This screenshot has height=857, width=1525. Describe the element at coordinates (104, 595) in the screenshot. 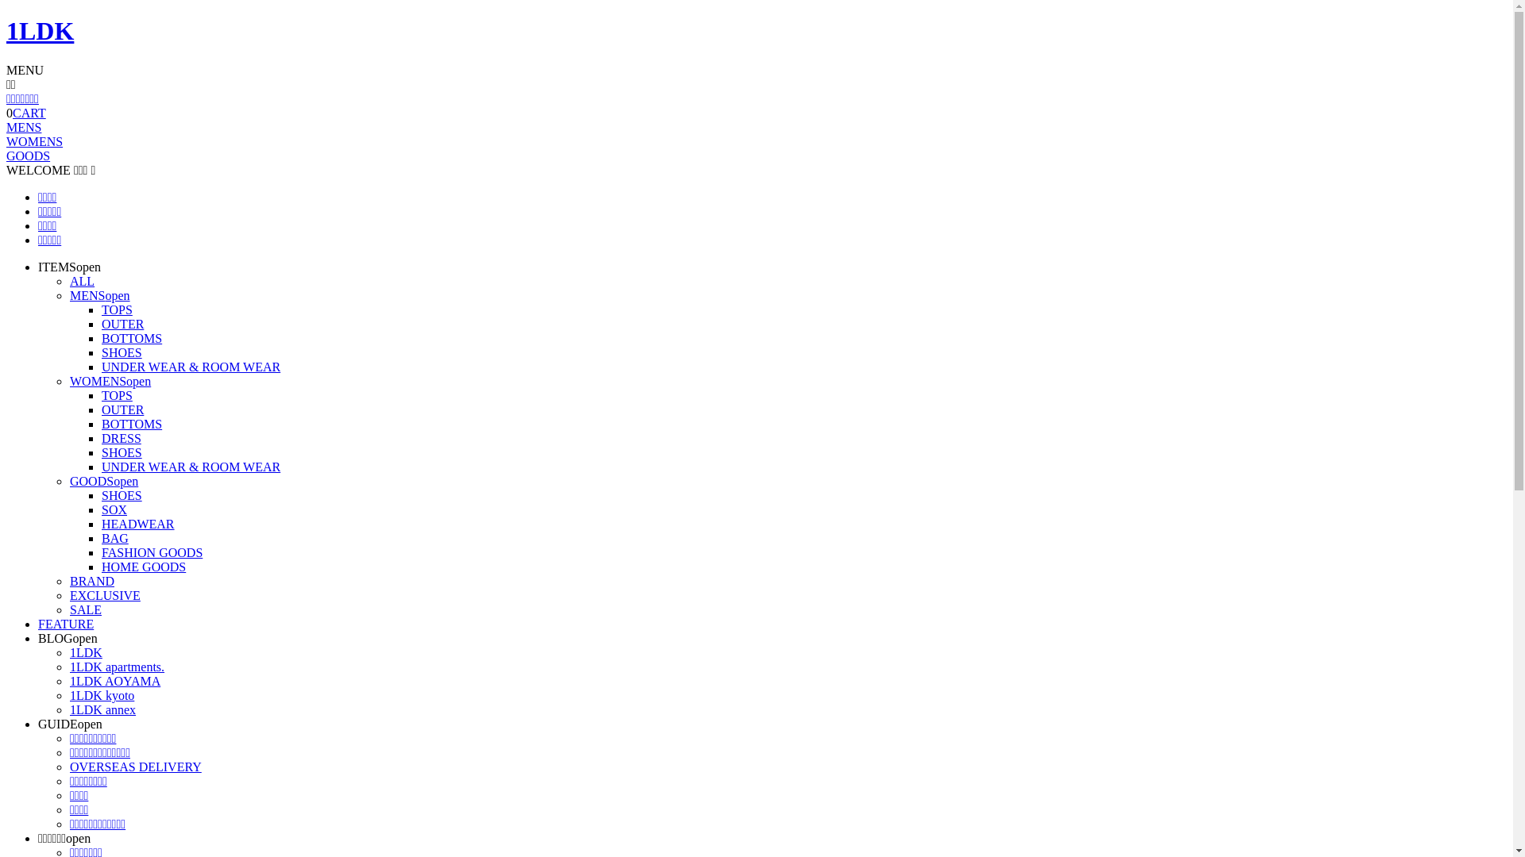

I see `'EXCLUSIVE'` at that location.